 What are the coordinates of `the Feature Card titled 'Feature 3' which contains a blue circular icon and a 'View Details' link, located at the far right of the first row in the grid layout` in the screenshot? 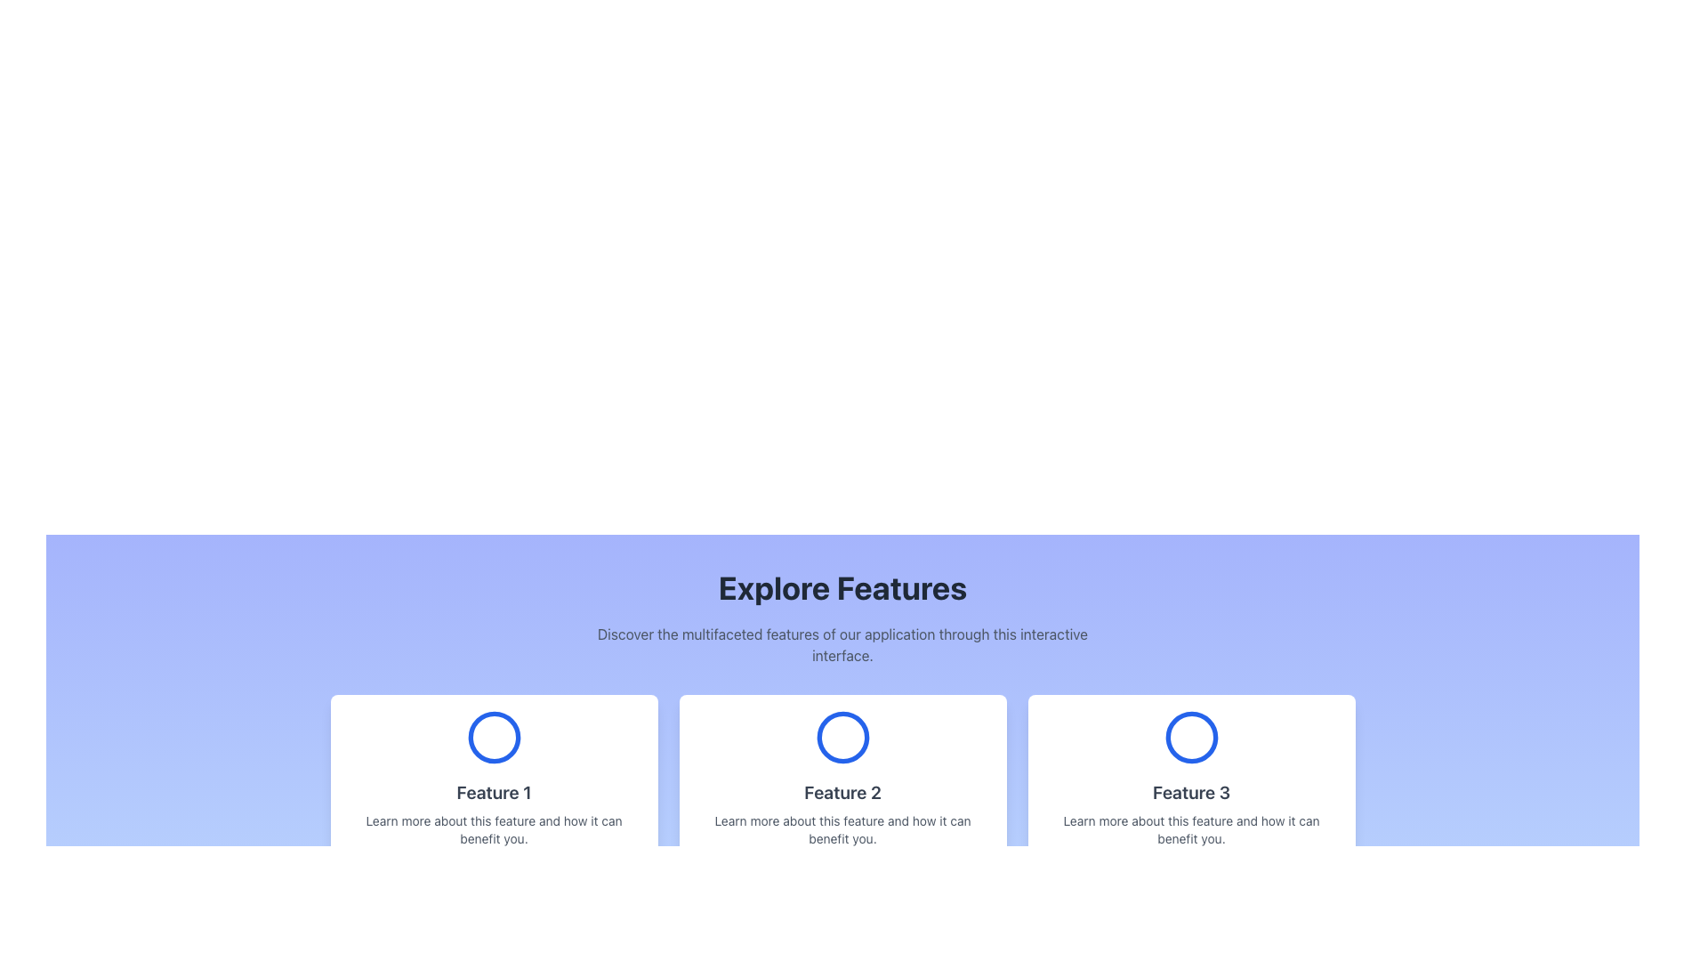 It's located at (1191, 795).